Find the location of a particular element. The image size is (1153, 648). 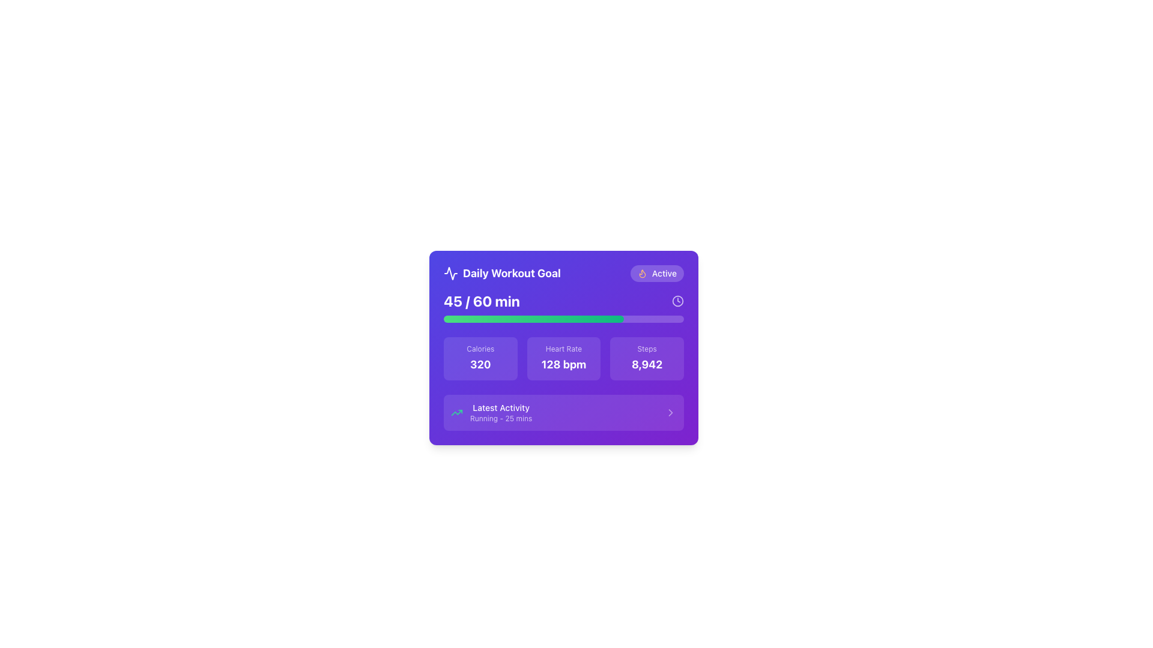

the circular graphical component styled as part of the clock icon located at the top-right corner of the primary interface card is located at coordinates (677, 300).